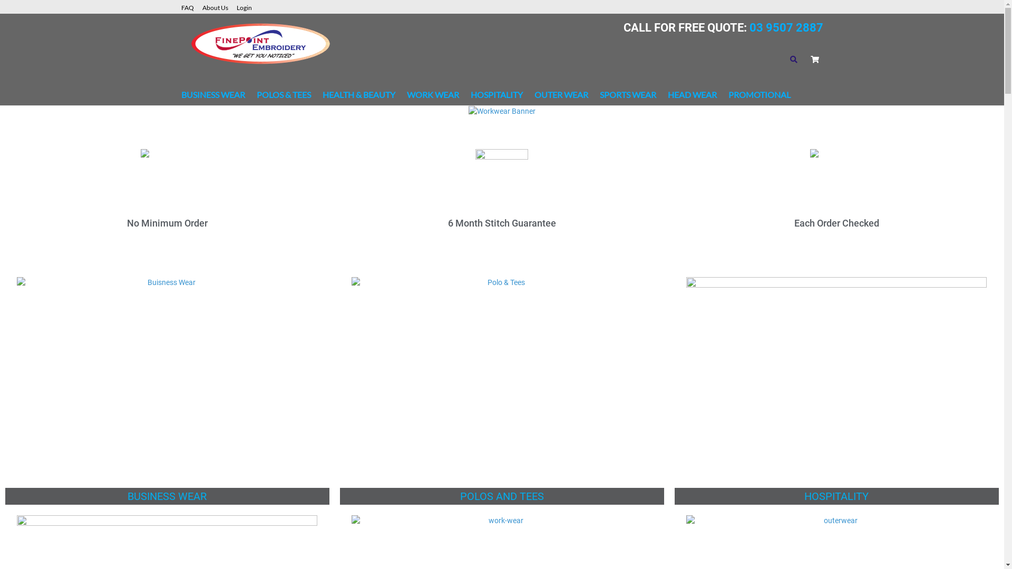 The image size is (1012, 569). I want to click on 'OUTER WEAR', so click(561, 95).